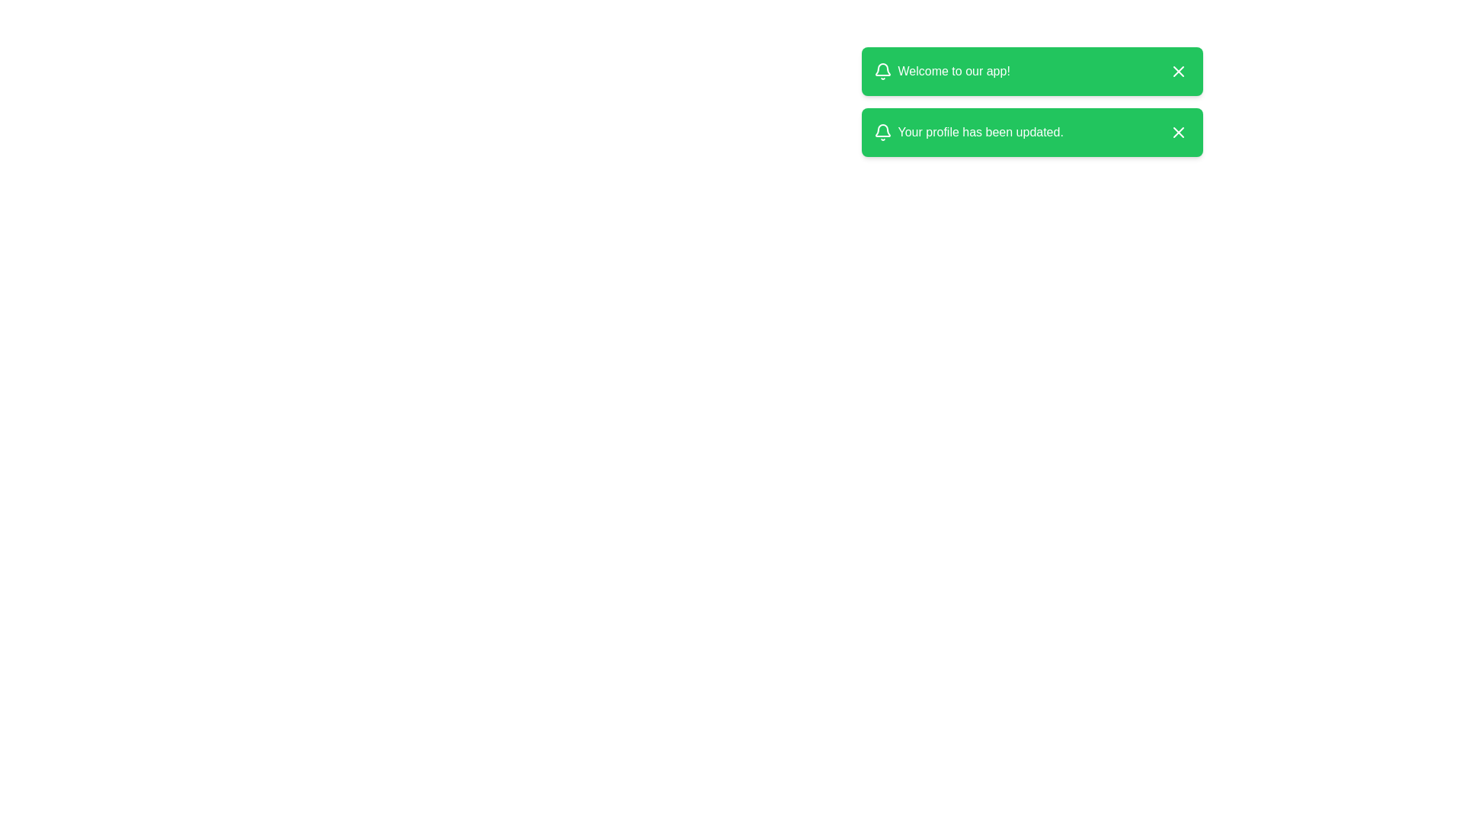 The image size is (1463, 823). I want to click on message from the green notification banner displaying 'Your profile has been updated.', so click(1032, 131).